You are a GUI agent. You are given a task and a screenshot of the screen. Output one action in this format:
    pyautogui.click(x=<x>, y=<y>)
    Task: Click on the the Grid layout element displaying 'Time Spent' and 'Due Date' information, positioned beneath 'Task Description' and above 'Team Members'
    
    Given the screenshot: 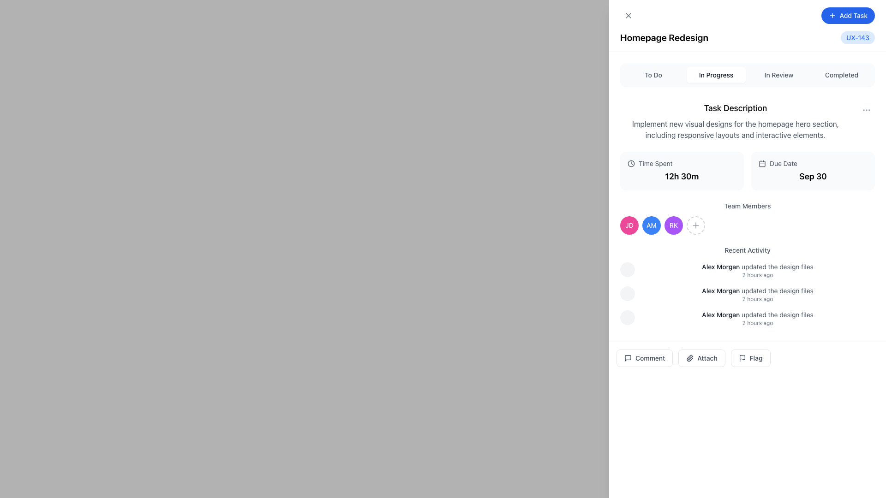 What is the action you would take?
    pyautogui.click(x=748, y=171)
    